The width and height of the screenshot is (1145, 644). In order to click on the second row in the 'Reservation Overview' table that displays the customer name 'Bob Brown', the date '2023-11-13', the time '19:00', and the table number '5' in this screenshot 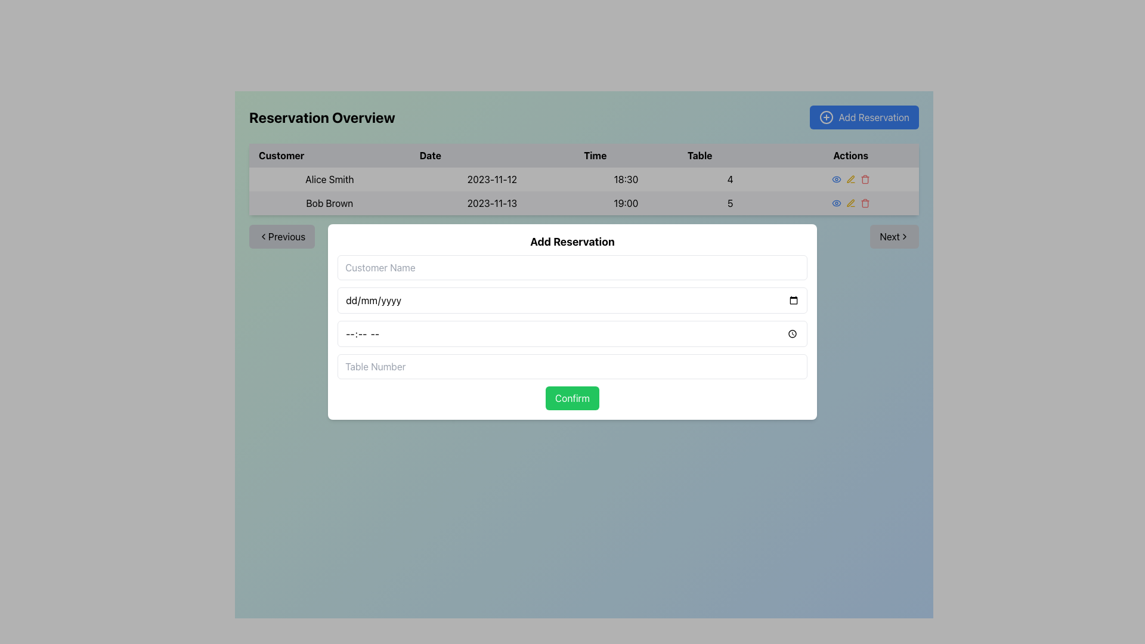, I will do `click(584, 202)`.